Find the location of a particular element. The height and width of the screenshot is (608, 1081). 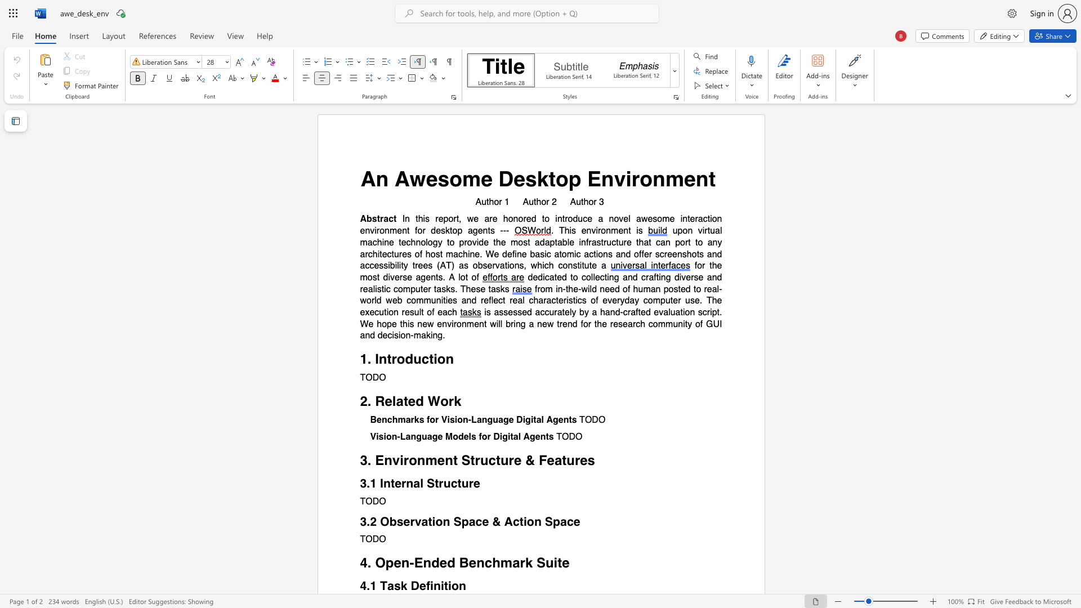

the 1th character "e" in the text is located at coordinates (431, 178).